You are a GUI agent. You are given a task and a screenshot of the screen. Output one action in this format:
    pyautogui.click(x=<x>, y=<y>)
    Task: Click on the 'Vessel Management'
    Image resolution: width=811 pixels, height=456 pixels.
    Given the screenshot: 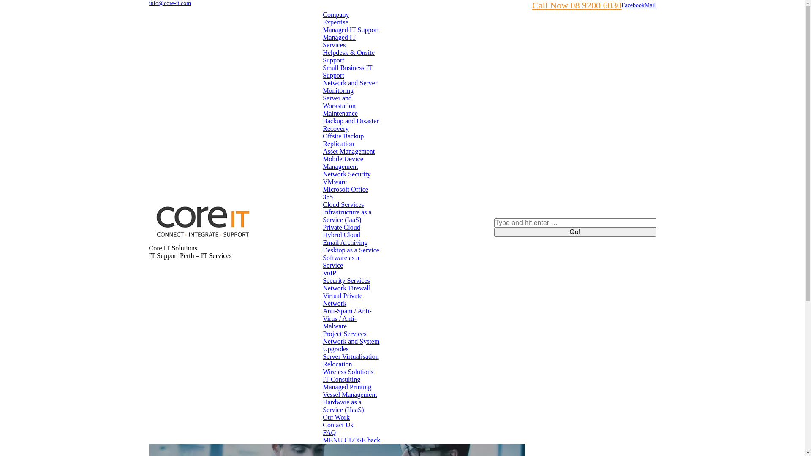 What is the action you would take?
    pyautogui.click(x=350, y=394)
    